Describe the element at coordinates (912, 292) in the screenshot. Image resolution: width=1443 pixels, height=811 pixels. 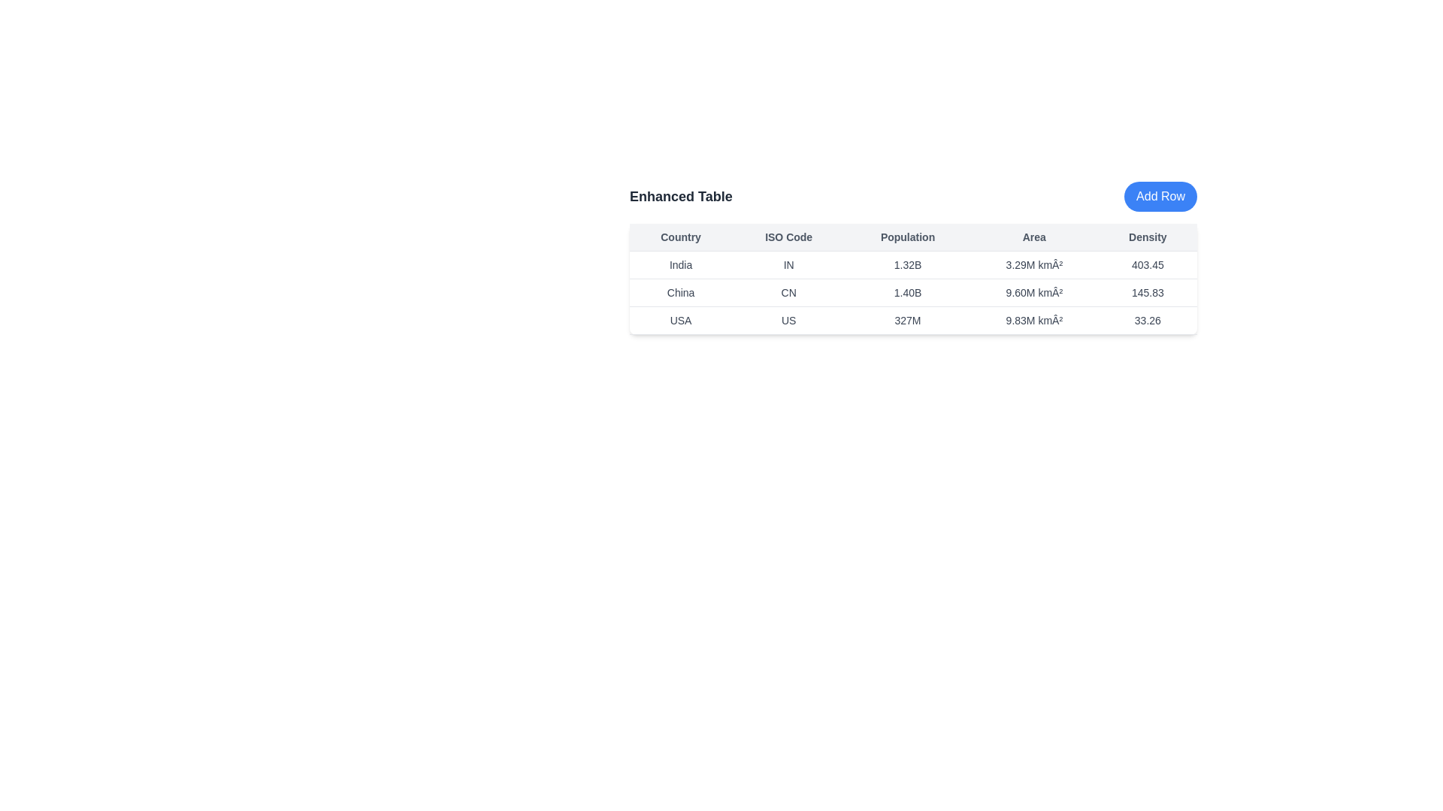
I see `the second data row in the 'Enhanced Table' that provides statistical information about China, located between the rows for 'India' and 'USA'` at that location.